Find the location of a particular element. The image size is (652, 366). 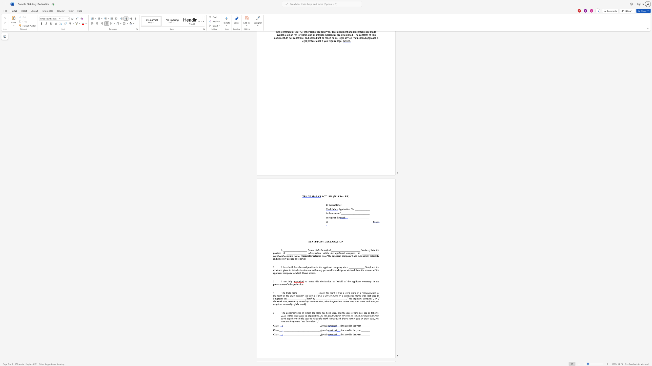

the 5th character "_" in the text is located at coordinates (346, 213).